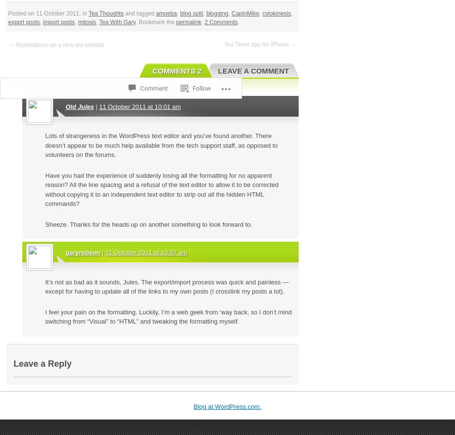 The image size is (455, 435). What do you see at coordinates (153, 88) in the screenshot?
I see `'Comment'` at bounding box center [153, 88].